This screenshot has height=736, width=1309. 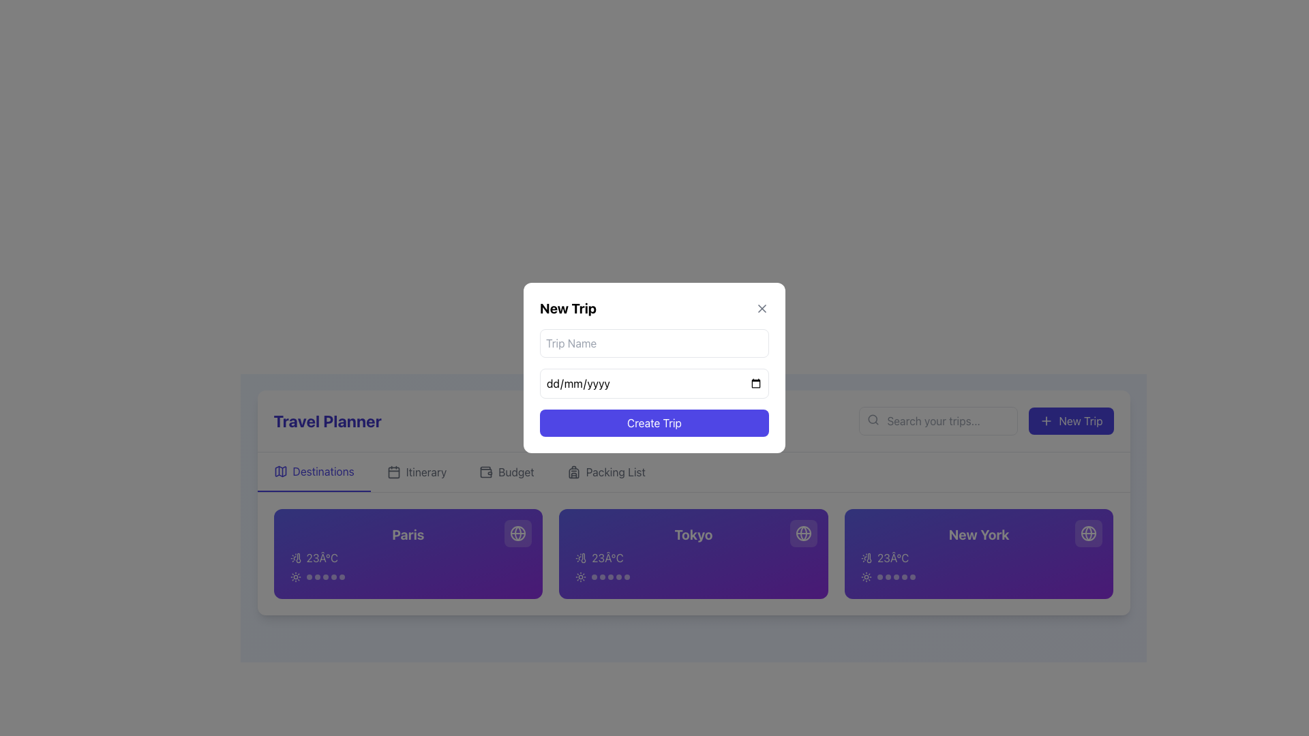 I want to click on the circular outline of the globe icon located in the top-right corner of the 'New York' card, which is displayed against a purple background, so click(x=1088, y=533).